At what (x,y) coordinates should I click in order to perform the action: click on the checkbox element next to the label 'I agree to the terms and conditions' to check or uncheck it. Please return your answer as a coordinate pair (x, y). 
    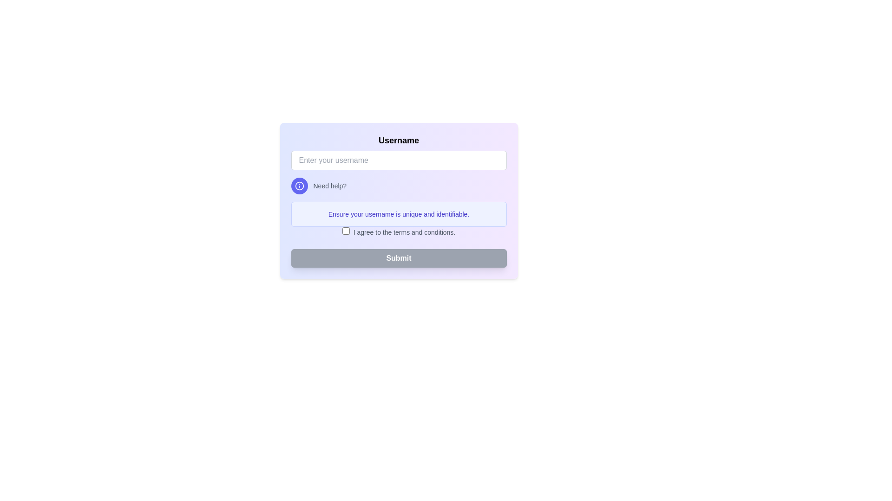
    Looking at the image, I should click on (345, 230).